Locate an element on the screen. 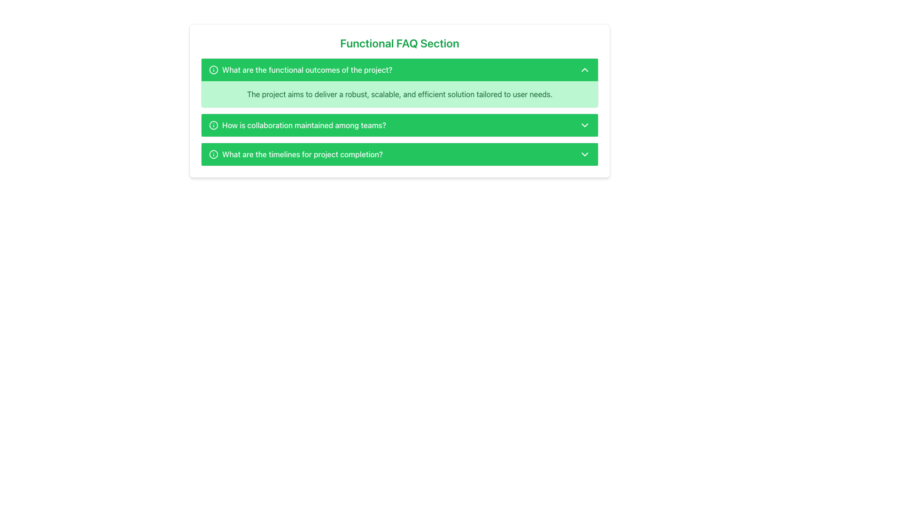 The width and height of the screenshot is (902, 507). the chevron-down icon located in the rightmost position of the green header box labeled 'What are the timelines for project completion?' is located at coordinates (584, 154).